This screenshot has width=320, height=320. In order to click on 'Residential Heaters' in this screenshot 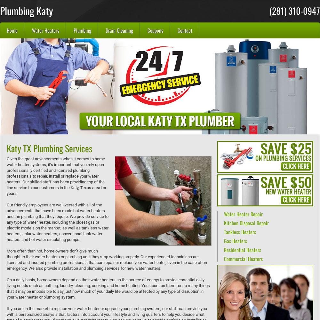, I will do `click(243, 250)`.